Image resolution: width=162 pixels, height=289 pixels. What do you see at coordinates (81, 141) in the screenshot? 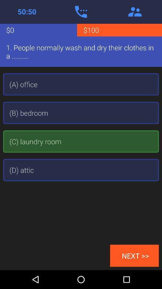
I see `the icon below (b) bedroom app` at bounding box center [81, 141].